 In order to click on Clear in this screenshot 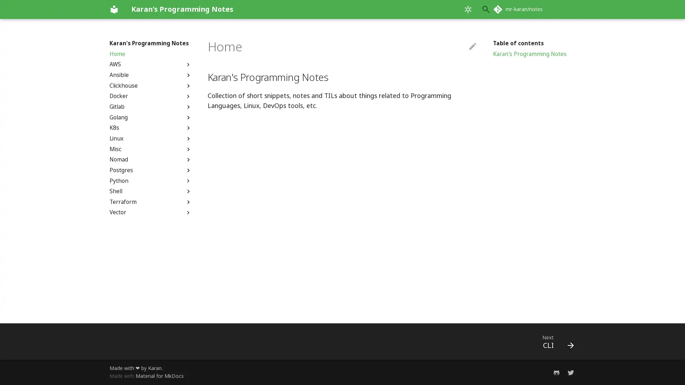, I will do `click(469, 9)`.